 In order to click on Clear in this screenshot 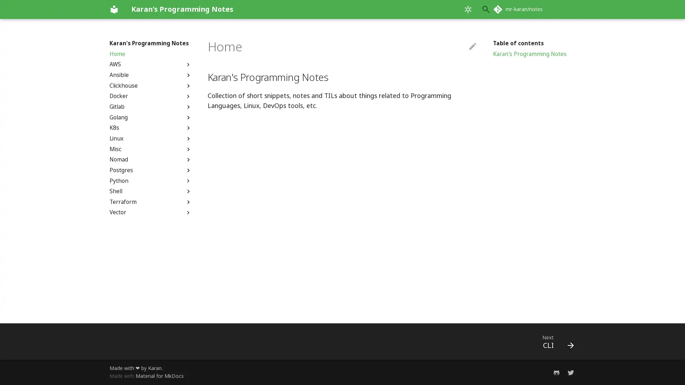, I will do `click(469, 9)`.